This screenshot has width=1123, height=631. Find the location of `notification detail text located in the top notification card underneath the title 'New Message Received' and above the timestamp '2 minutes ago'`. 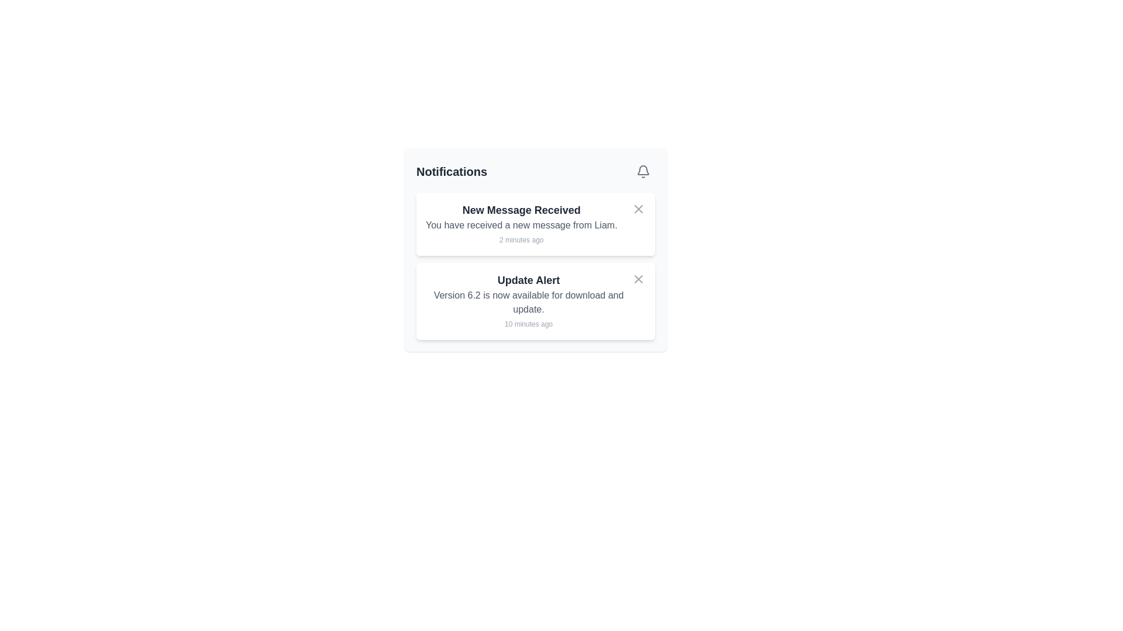

notification detail text located in the top notification card underneath the title 'New Message Received' and above the timestamp '2 minutes ago' is located at coordinates (521, 225).